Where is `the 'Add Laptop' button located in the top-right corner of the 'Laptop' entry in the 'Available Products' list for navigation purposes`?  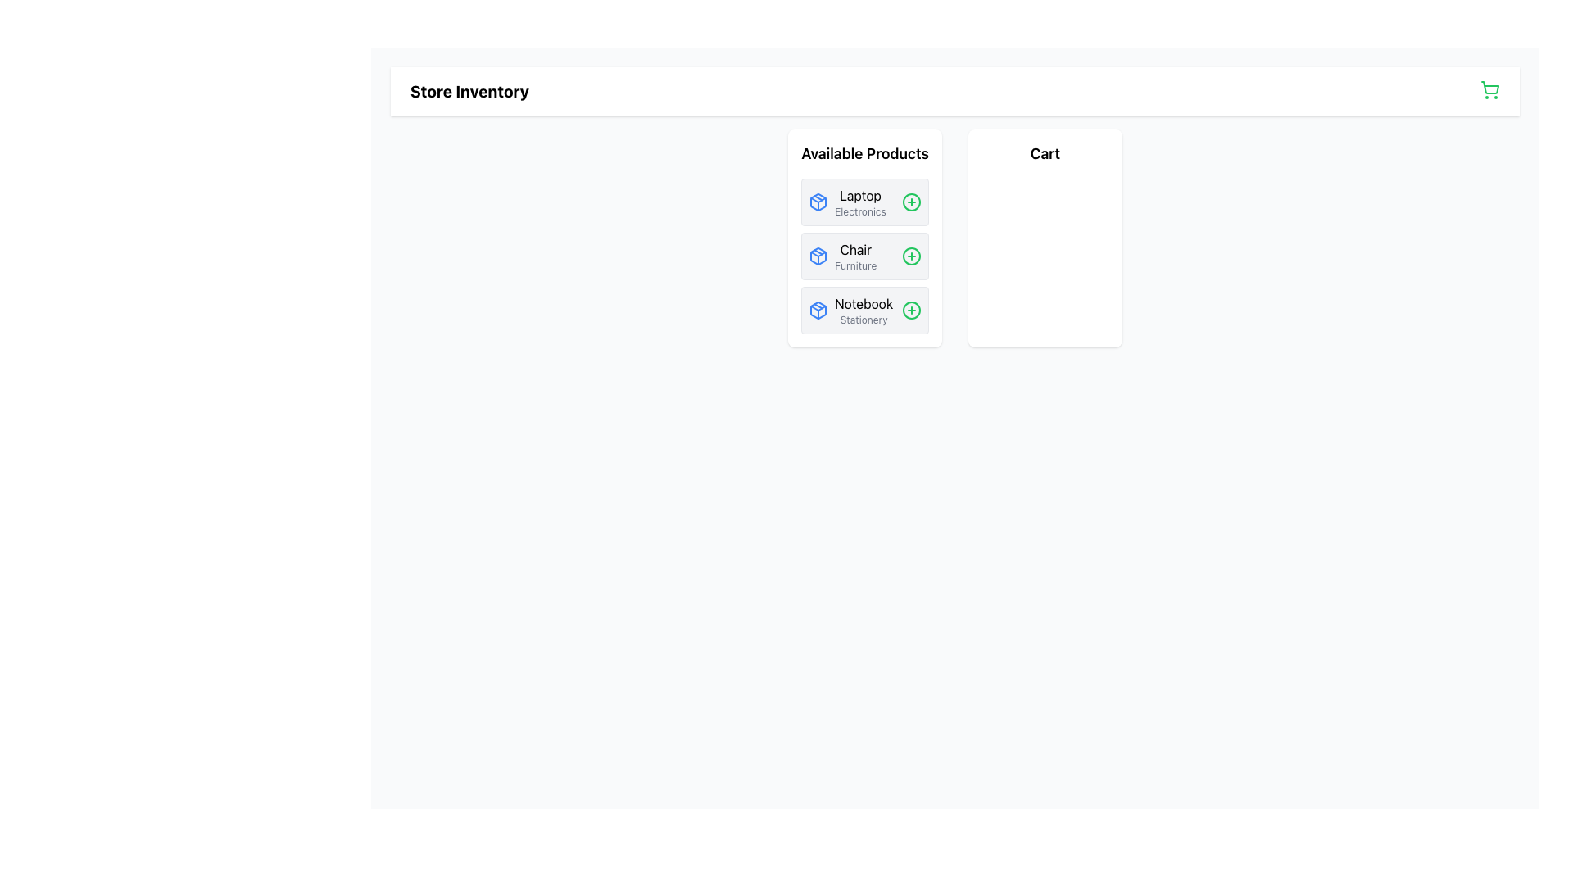
the 'Add Laptop' button located in the top-right corner of the 'Laptop' entry in the 'Available Products' list for navigation purposes is located at coordinates (911, 201).